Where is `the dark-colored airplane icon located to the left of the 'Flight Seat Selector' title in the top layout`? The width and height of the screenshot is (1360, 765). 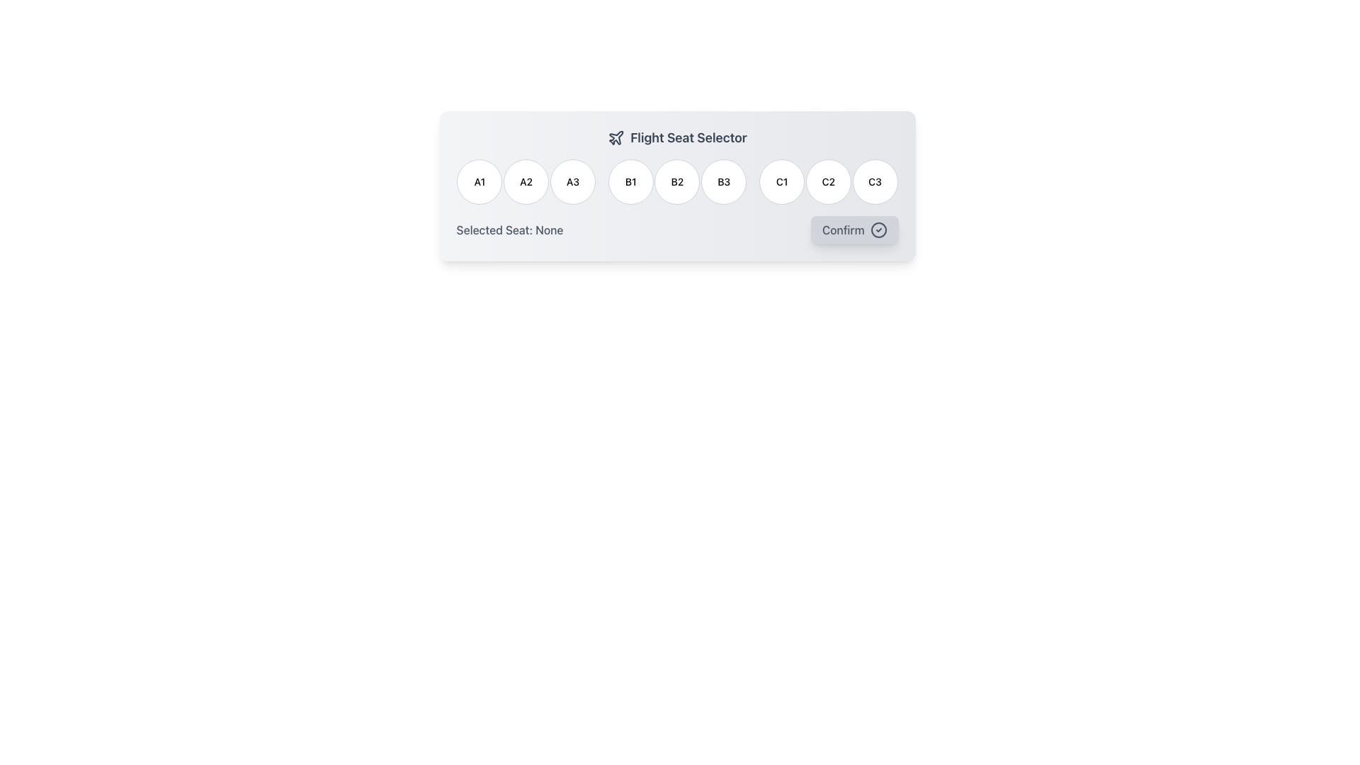
the dark-colored airplane icon located to the left of the 'Flight Seat Selector' title in the top layout is located at coordinates (616, 138).